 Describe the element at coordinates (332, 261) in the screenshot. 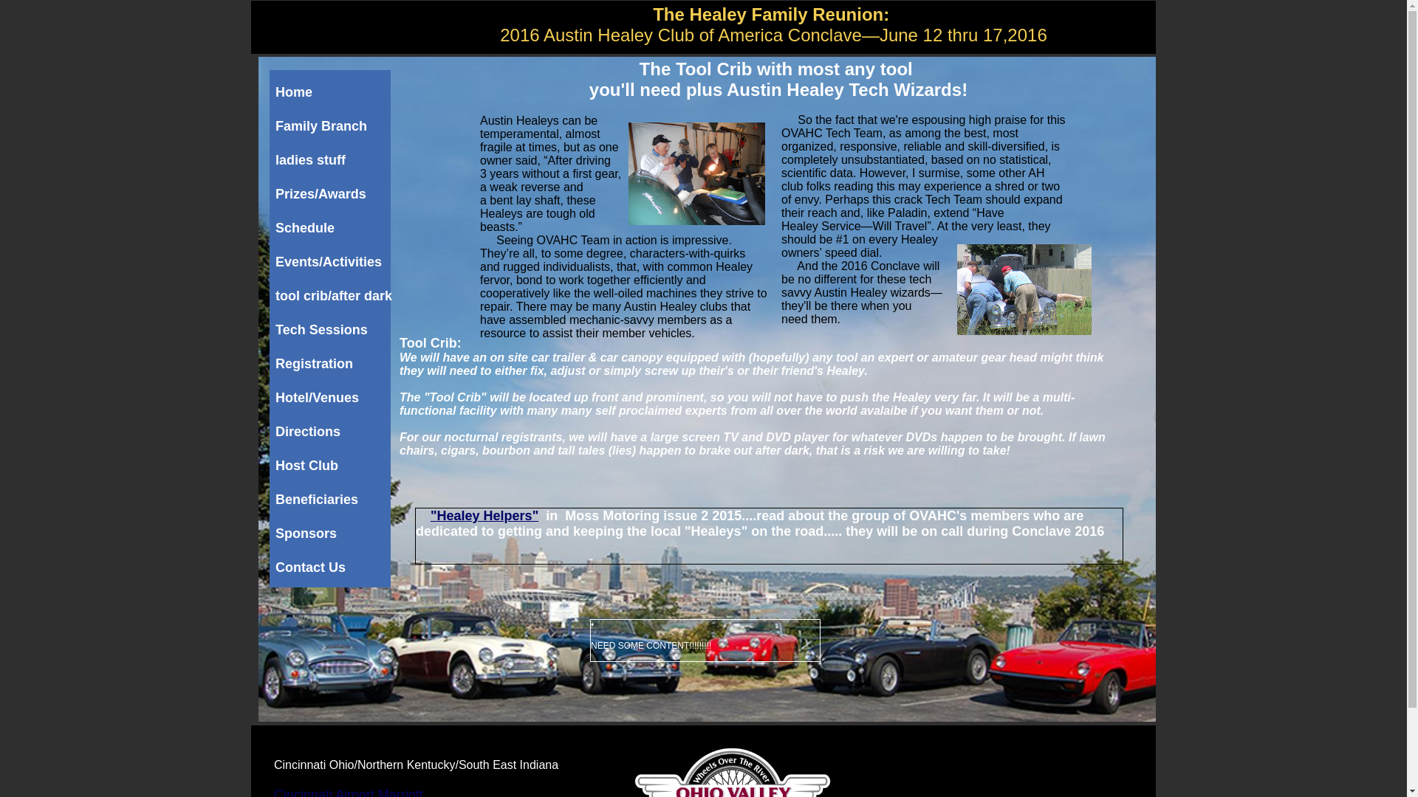

I see `'Events/Activities'` at that location.